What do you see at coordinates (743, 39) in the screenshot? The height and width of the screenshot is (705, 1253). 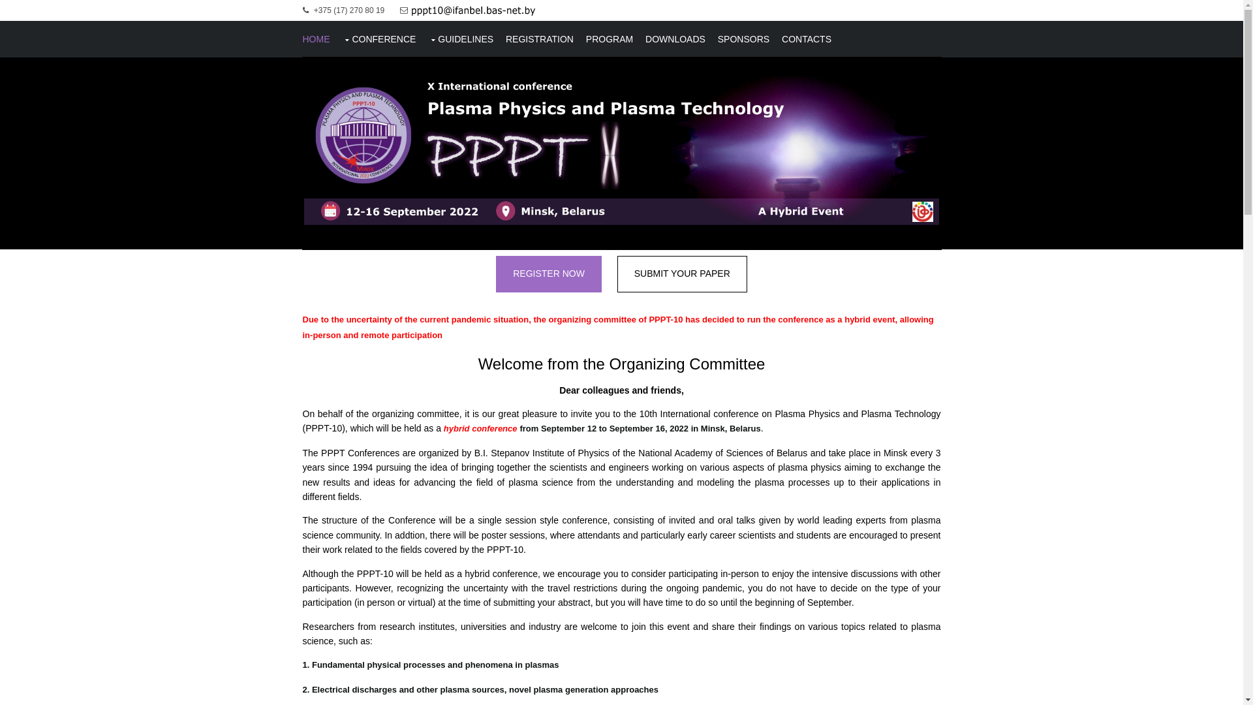 I see `'SPONSORS'` at bounding box center [743, 39].